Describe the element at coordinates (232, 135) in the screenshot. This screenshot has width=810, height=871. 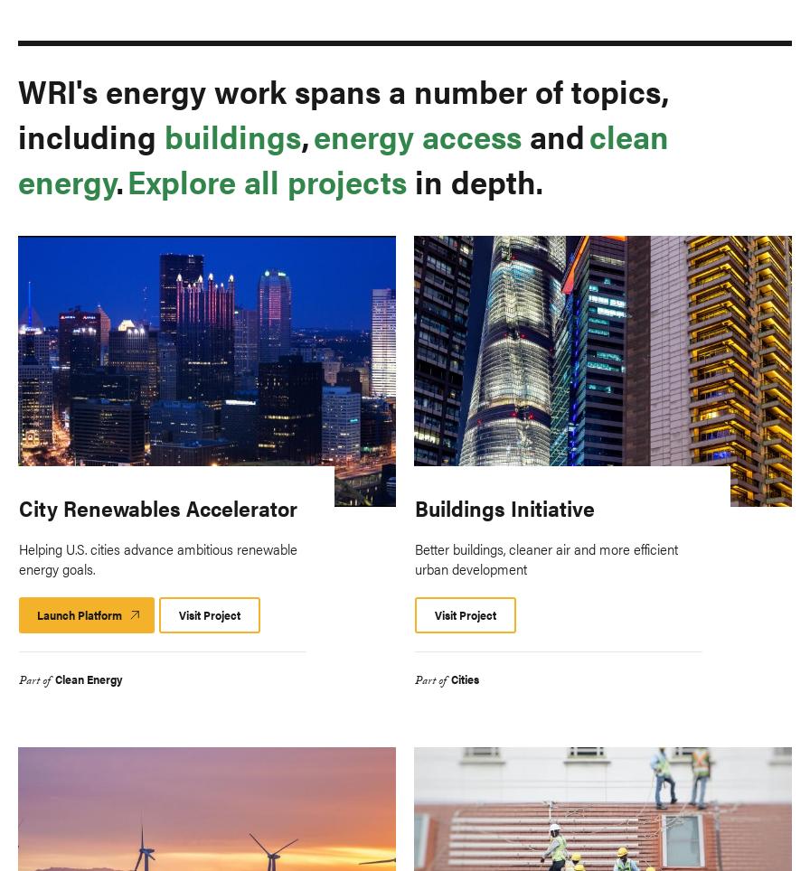
I see `'buildings'` at that location.